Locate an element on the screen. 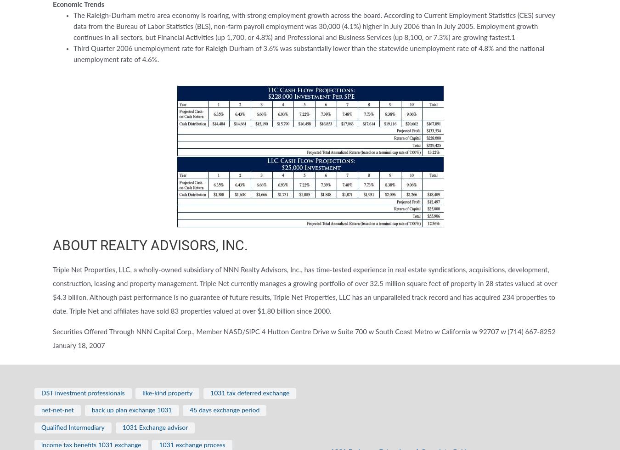 The height and width of the screenshot is (450, 620). 'ABOUT REALTY ADVISORS, INC.' is located at coordinates (150, 245).